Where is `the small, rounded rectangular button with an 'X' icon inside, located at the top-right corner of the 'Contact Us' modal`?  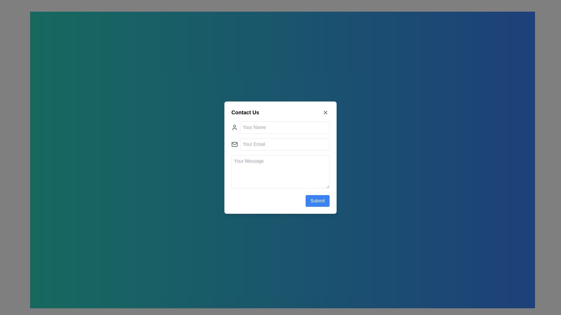 the small, rounded rectangular button with an 'X' icon inside, located at the top-right corner of the 'Contact Us' modal is located at coordinates (325, 112).